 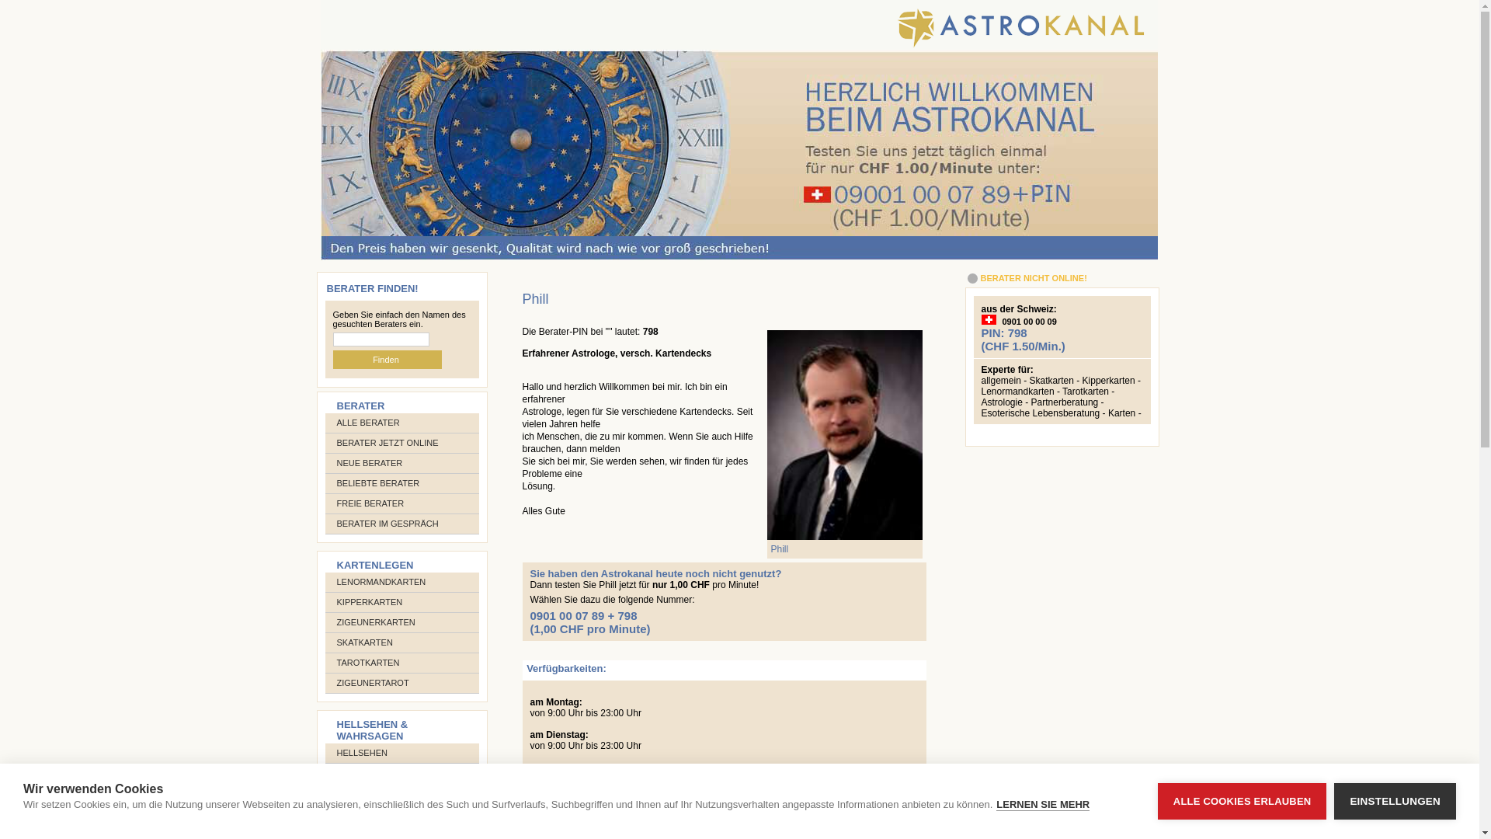 What do you see at coordinates (1333, 801) in the screenshot?
I see `'EINSTELLUNGEN'` at bounding box center [1333, 801].